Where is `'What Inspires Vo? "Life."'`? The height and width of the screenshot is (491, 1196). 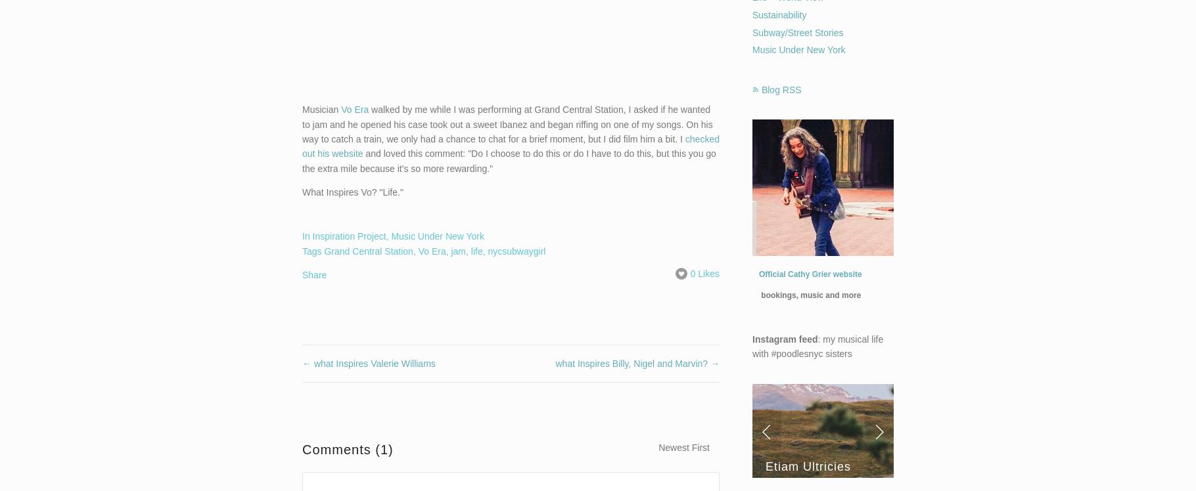 'What Inspires Vo? "Life."' is located at coordinates (352, 192).